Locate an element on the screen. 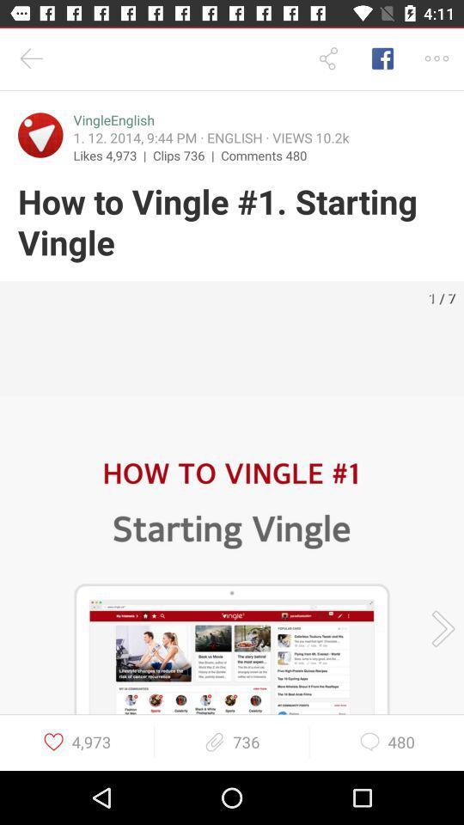 Image resolution: width=464 pixels, height=825 pixels. facebook icon at the top is located at coordinates (382, 58).